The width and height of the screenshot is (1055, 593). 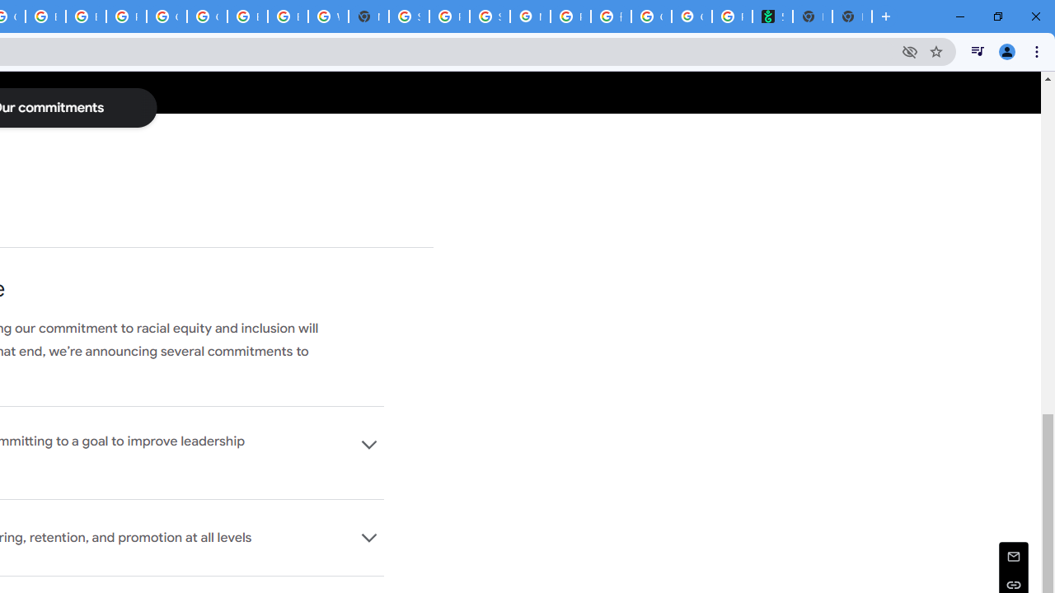 I want to click on 'Share this page (Email)', so click(x=1013, y=556).